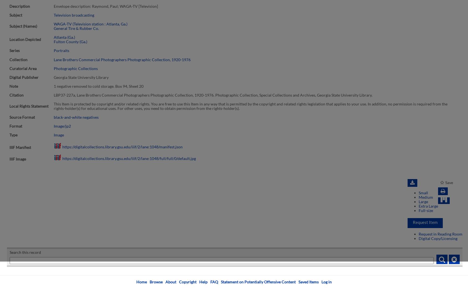  I want to click on 'Small', so click(423, 192).